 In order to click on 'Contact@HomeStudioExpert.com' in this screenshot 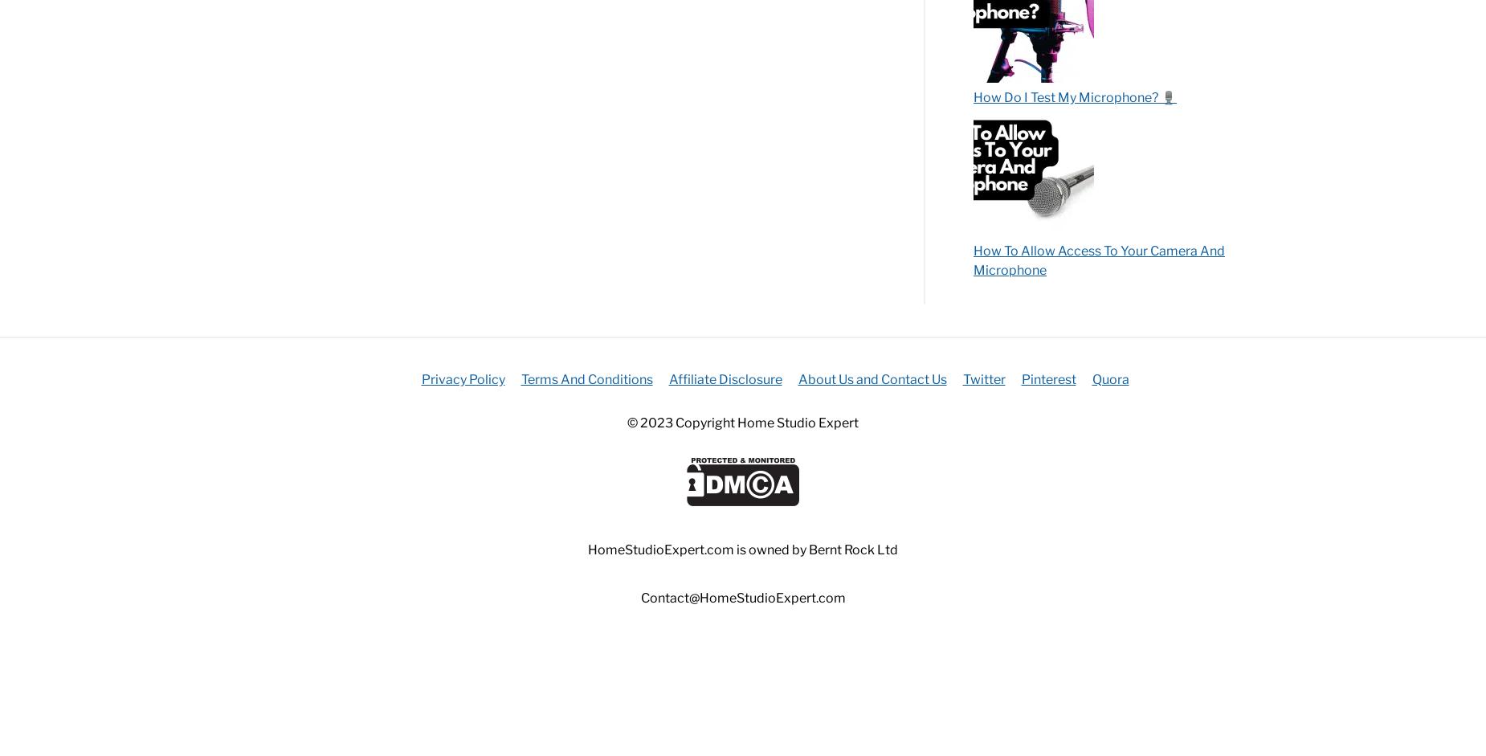, I will do `click(742, 597)`.